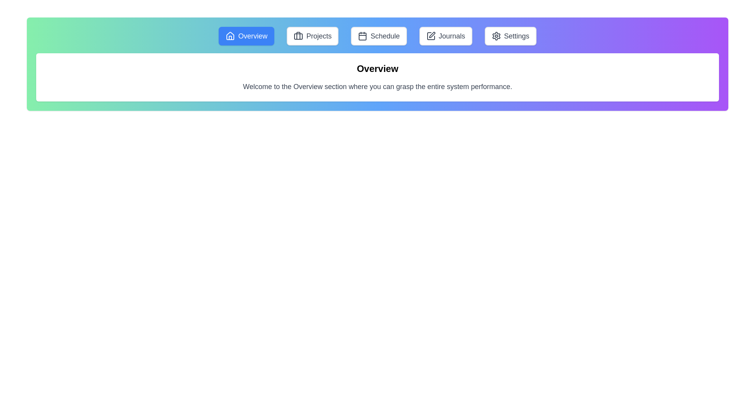 This screenshot has height=420, width=747. What do you see at coordinates (298, 36) in the screenshot?
I see `the handle portion of the briefcase icon, which is the second navigation tab from the left in the header bar` at bounding box center [298, 36].